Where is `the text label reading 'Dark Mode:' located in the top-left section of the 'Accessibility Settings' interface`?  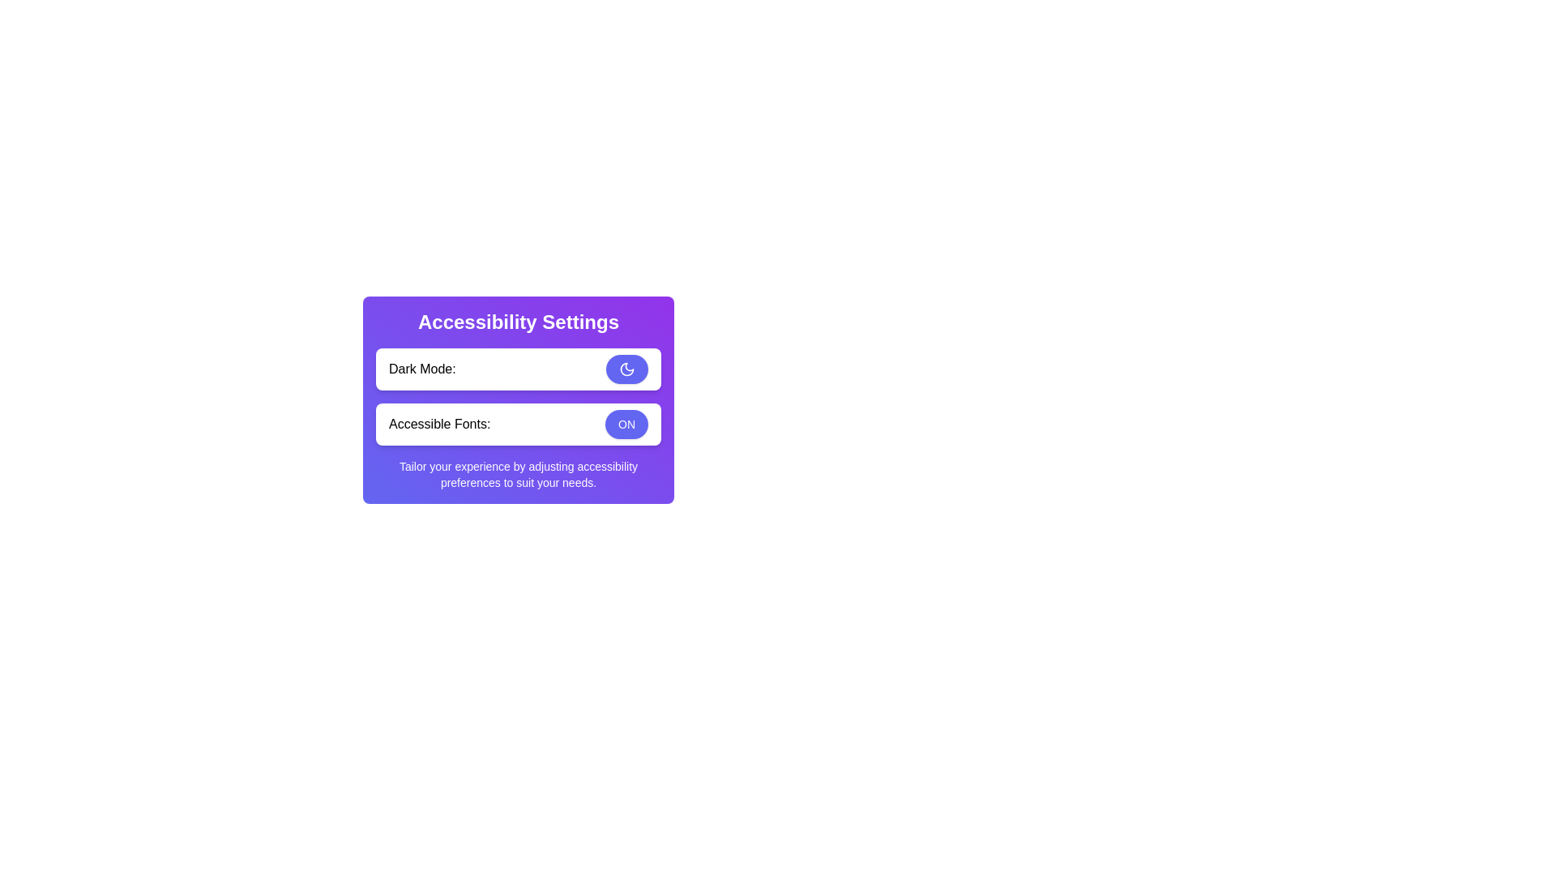 the text label reading 'Dark Mode:' located in the top-left section of the 'Accessibility Settings' interface is located at coordinates (422, 369).